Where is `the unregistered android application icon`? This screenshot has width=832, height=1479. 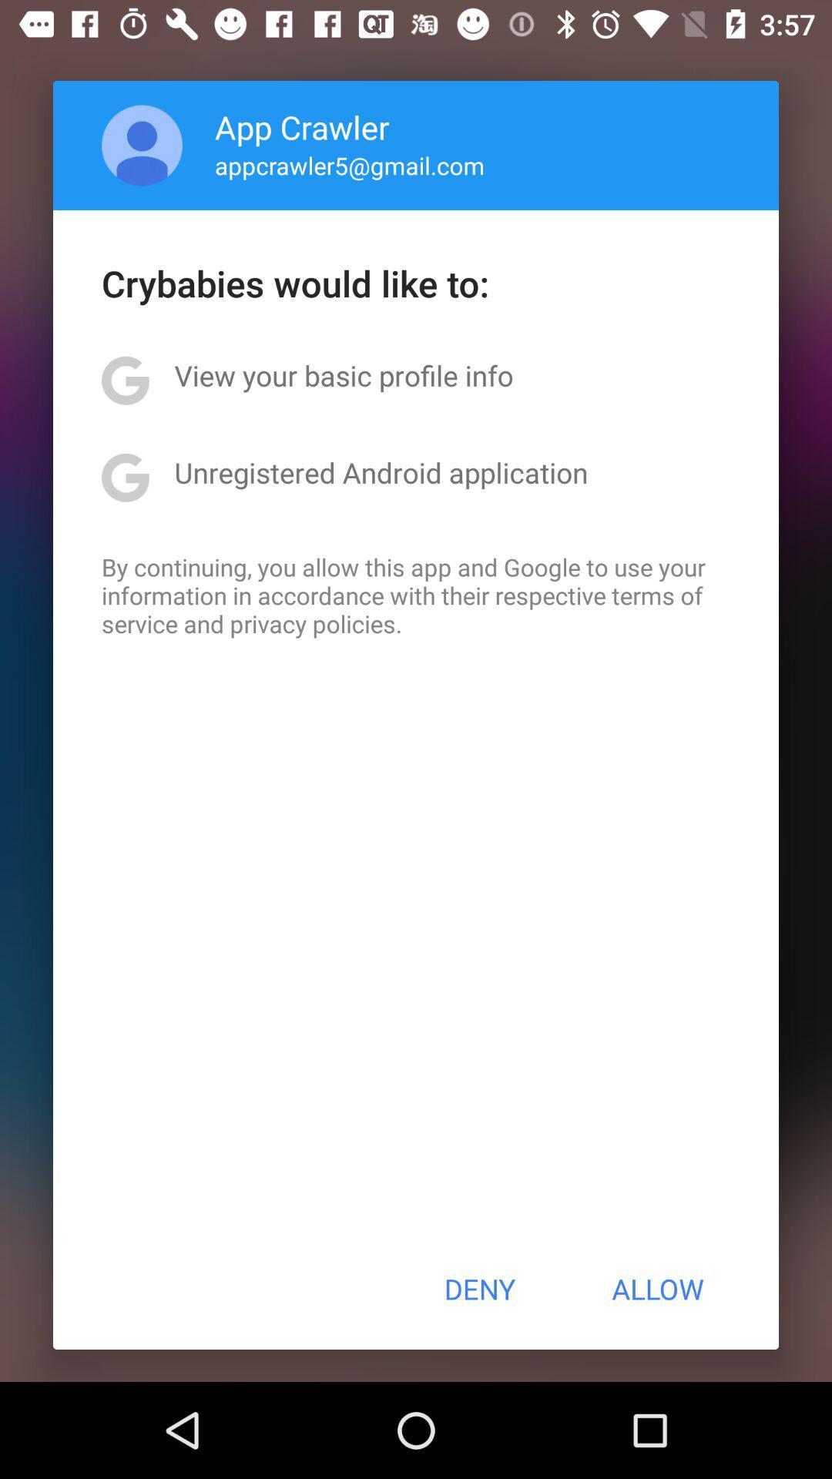
the unregistered android application icon is located at coordinates (381, 471).